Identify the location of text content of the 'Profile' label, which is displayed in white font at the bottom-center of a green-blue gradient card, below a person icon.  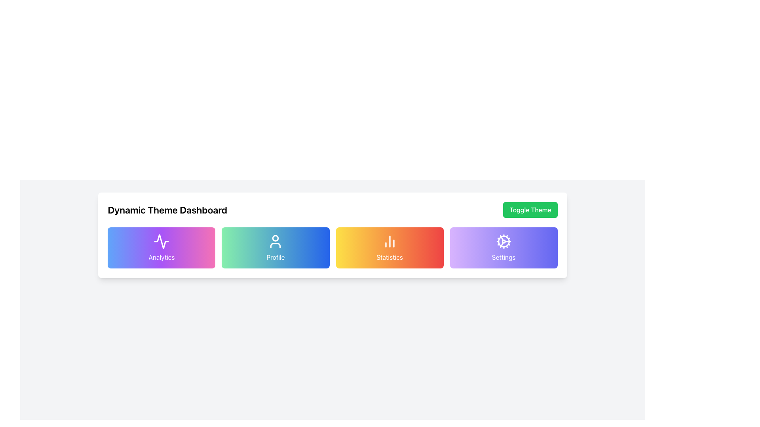
(275, 257).